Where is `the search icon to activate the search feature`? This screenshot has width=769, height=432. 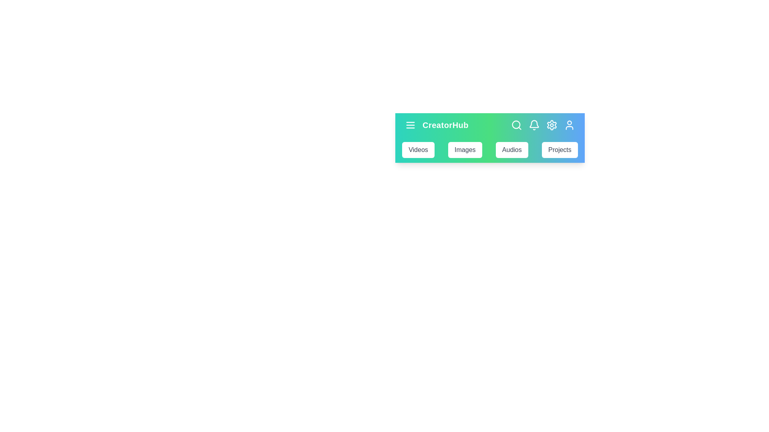 the search icon to activate the search feature is located at coordinates (517, 125).